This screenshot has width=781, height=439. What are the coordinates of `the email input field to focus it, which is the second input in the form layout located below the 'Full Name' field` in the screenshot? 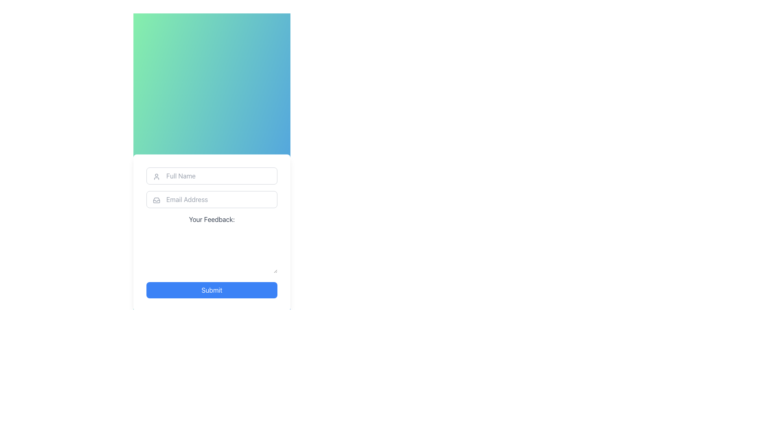 It's located at (212, 199).